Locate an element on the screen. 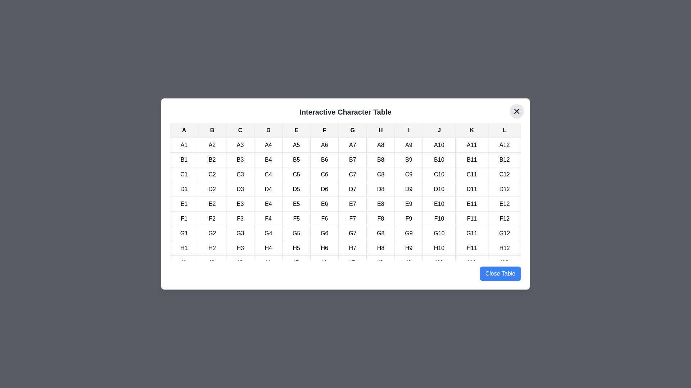 This screenshot has height=388, width=691. the table header cell labeled I to highlight its column is located at coordinates (408, 130).